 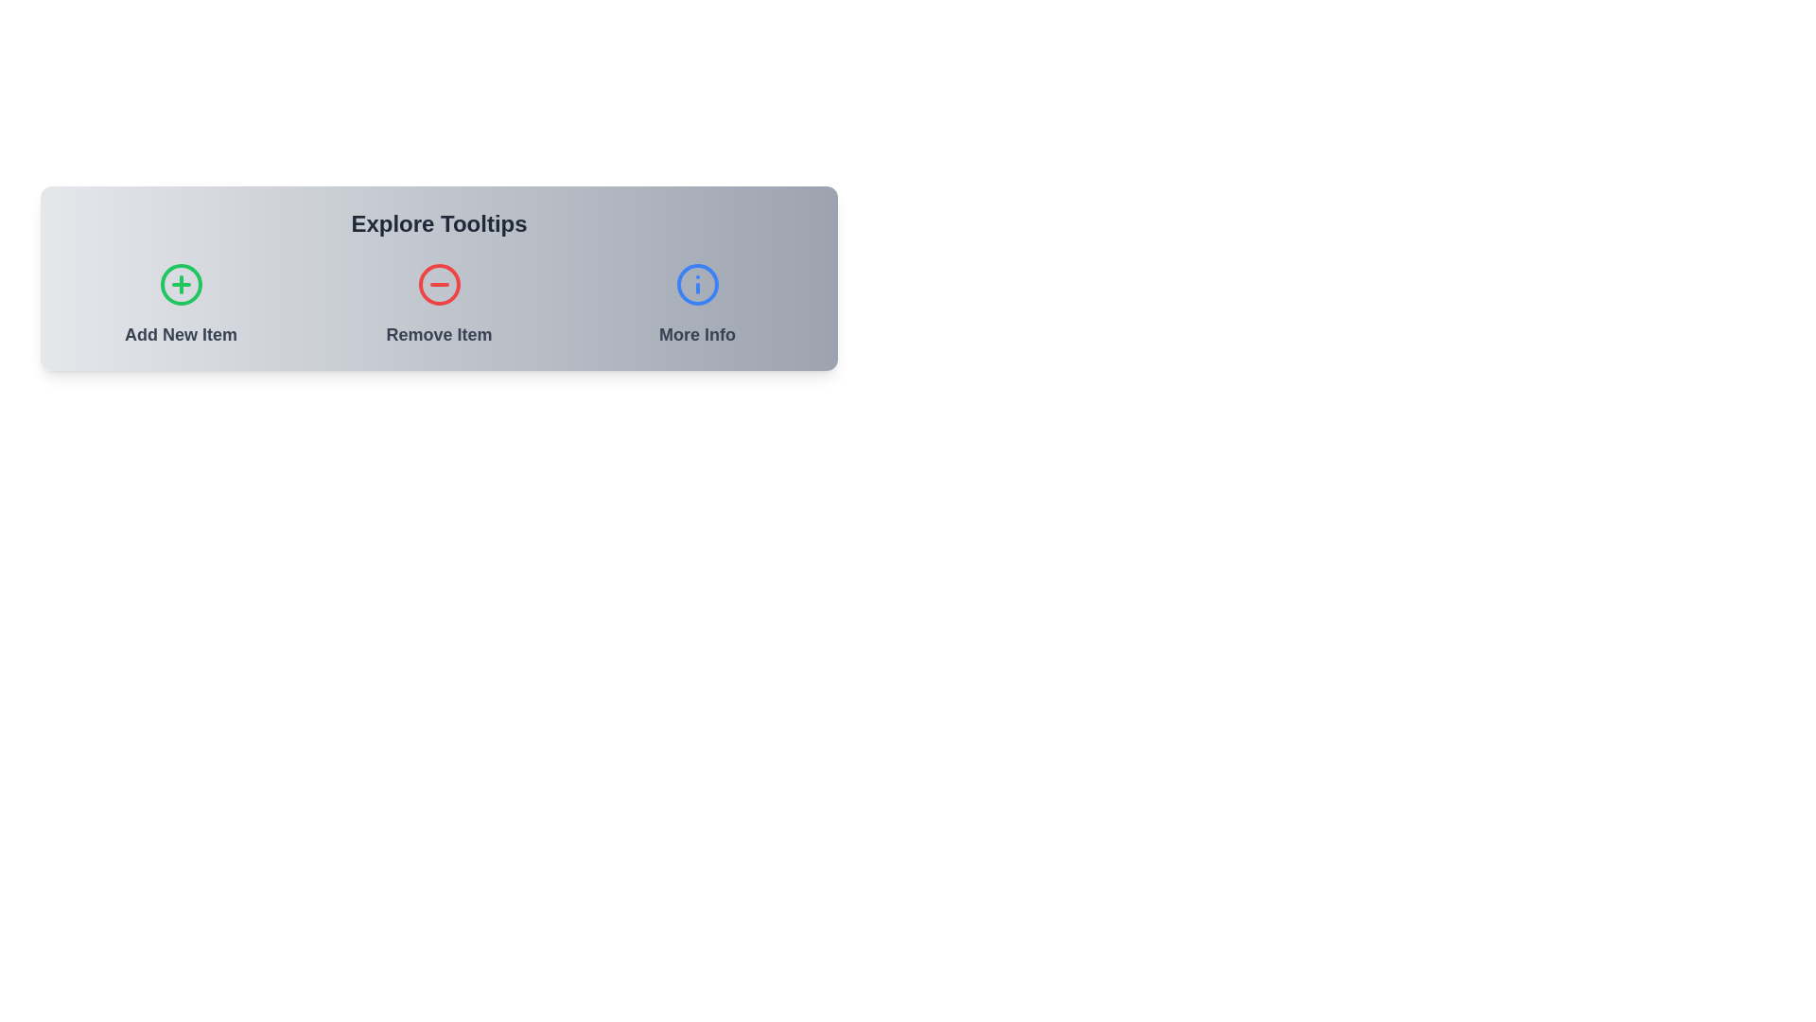 I want to click on the circular green button with a plus sign inside, which is labeled 'Add New Item', so click(x=181, y=304).